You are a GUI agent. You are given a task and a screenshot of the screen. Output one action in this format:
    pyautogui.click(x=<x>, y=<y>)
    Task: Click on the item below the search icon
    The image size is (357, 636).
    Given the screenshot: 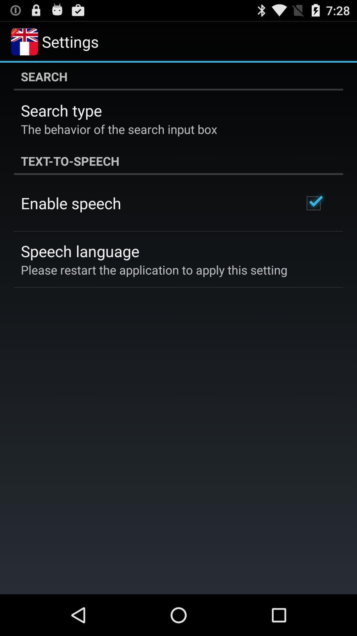 What is the action you would take?
    pyautogui.click(x=61, y=110)
    